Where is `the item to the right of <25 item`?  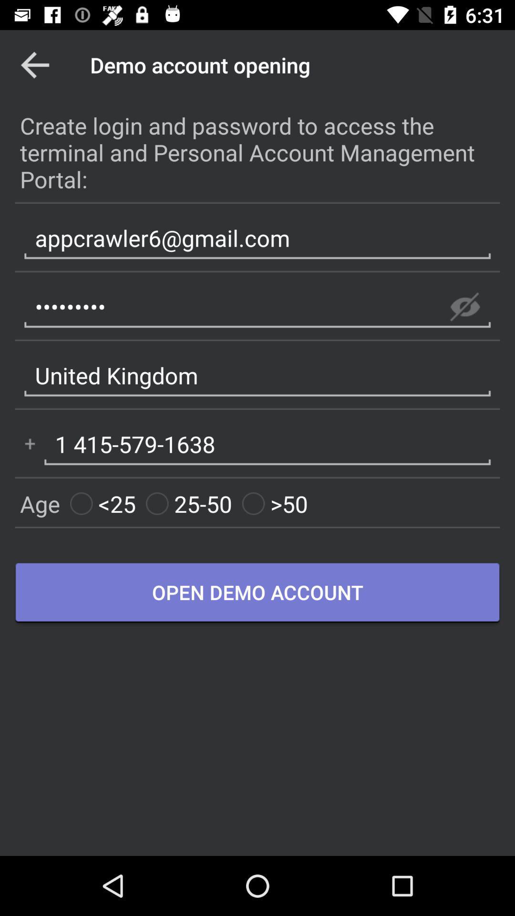
the item to the right of <25 item is located at coordinates (189, 503).